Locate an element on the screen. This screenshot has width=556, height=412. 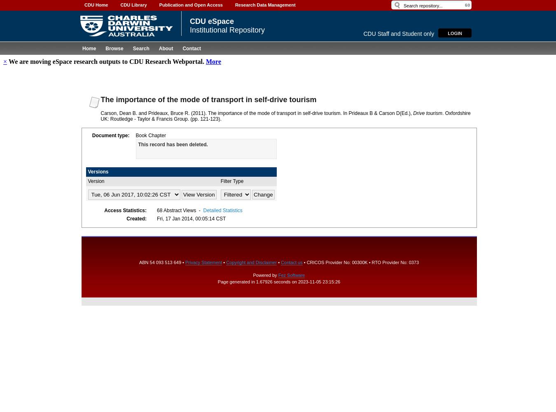
'(Ed.),' is located at coordinates (399, 113).